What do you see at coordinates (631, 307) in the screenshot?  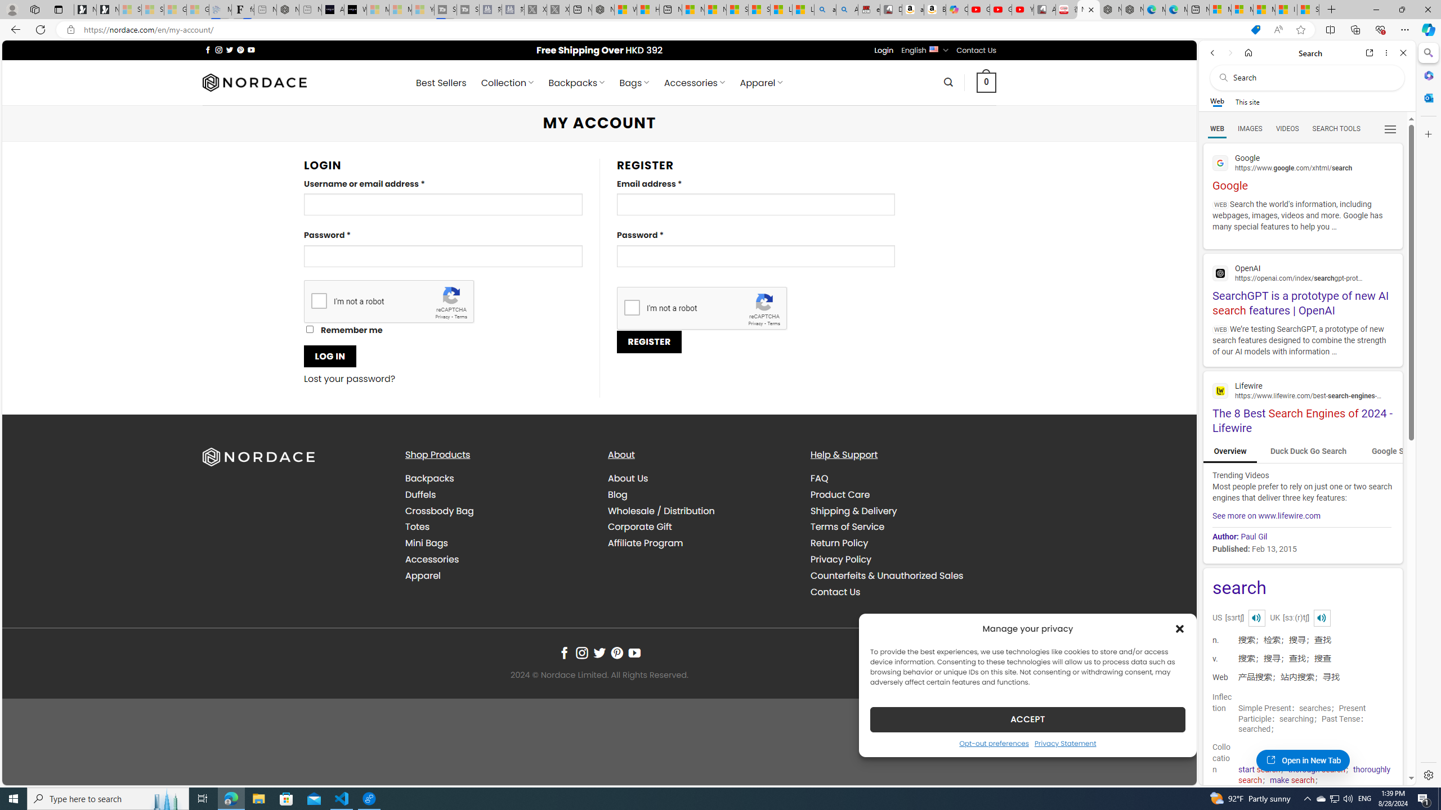 I see `'I'` at bounding box center [631, 307].